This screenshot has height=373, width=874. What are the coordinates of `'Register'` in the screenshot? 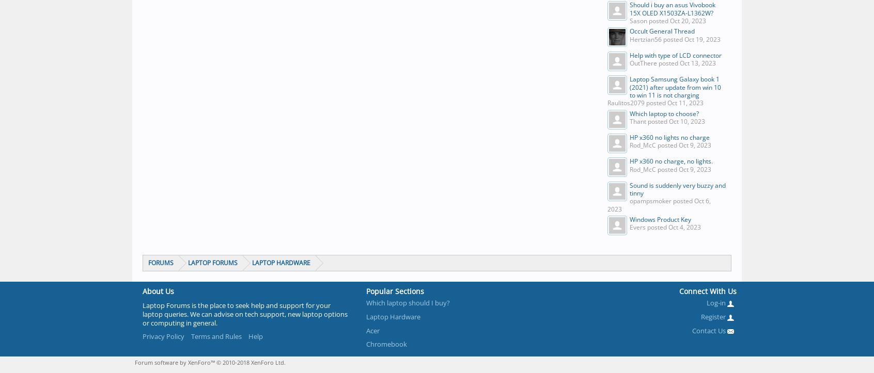 It's located at (714, 316).